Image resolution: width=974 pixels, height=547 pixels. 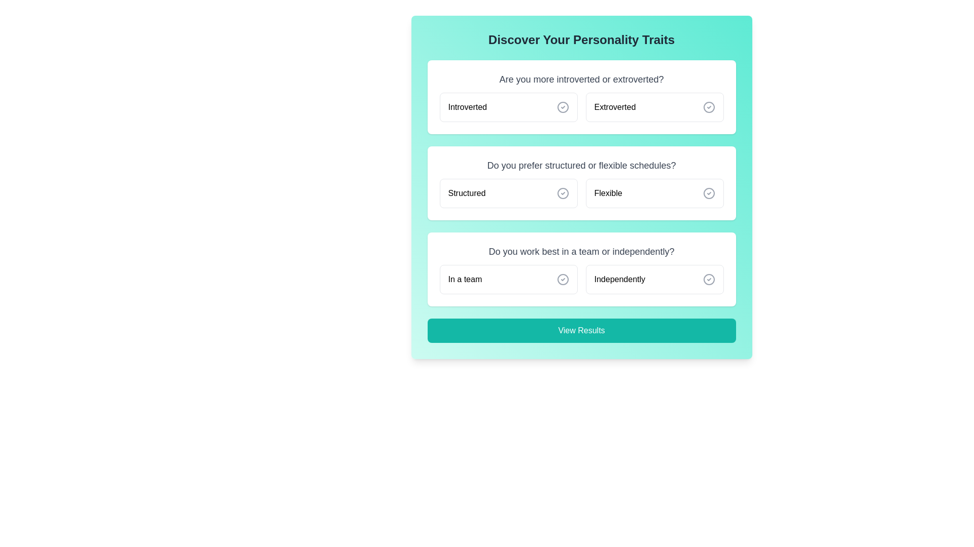 What do you see at coordinates (581, 39) in the screenshot?
I see `the bold, large-sized header text stating 'Discover Your Personality Traits.' which is styled with a gray text color and centered alignment within a teal gradient background` at bounding box center [581, 39].